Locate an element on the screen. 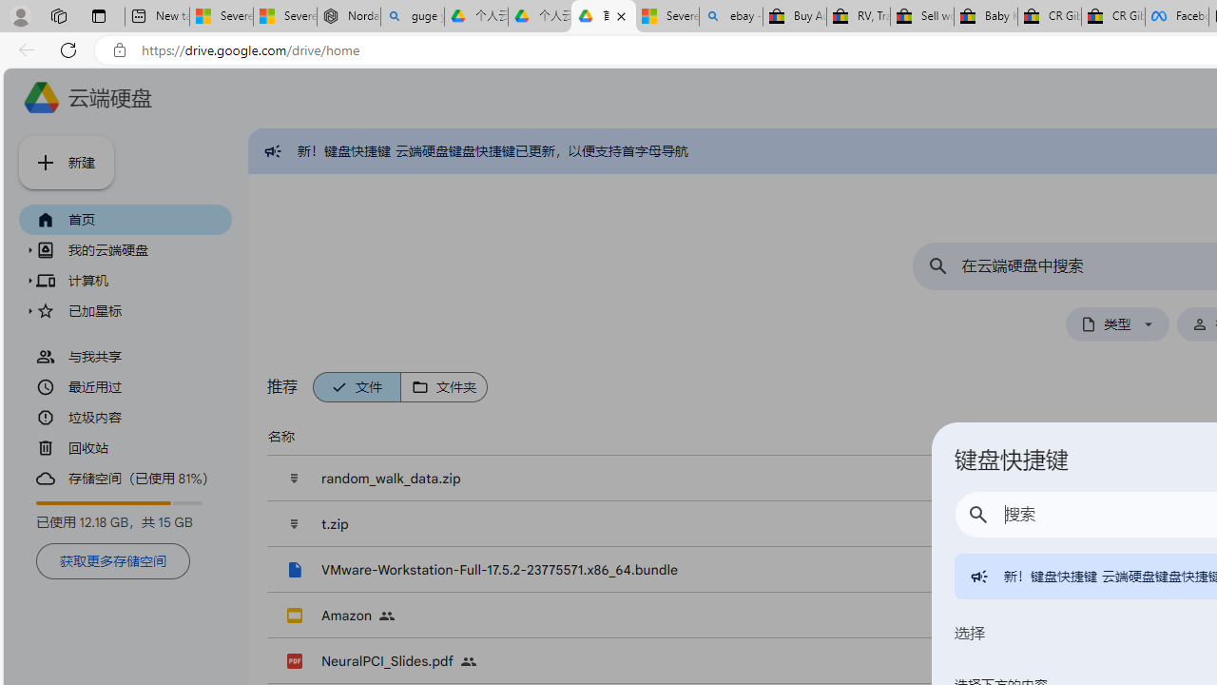 This screenshot has height=685, width=1217. 'Facebook' is located at coordinates (1175, 16).